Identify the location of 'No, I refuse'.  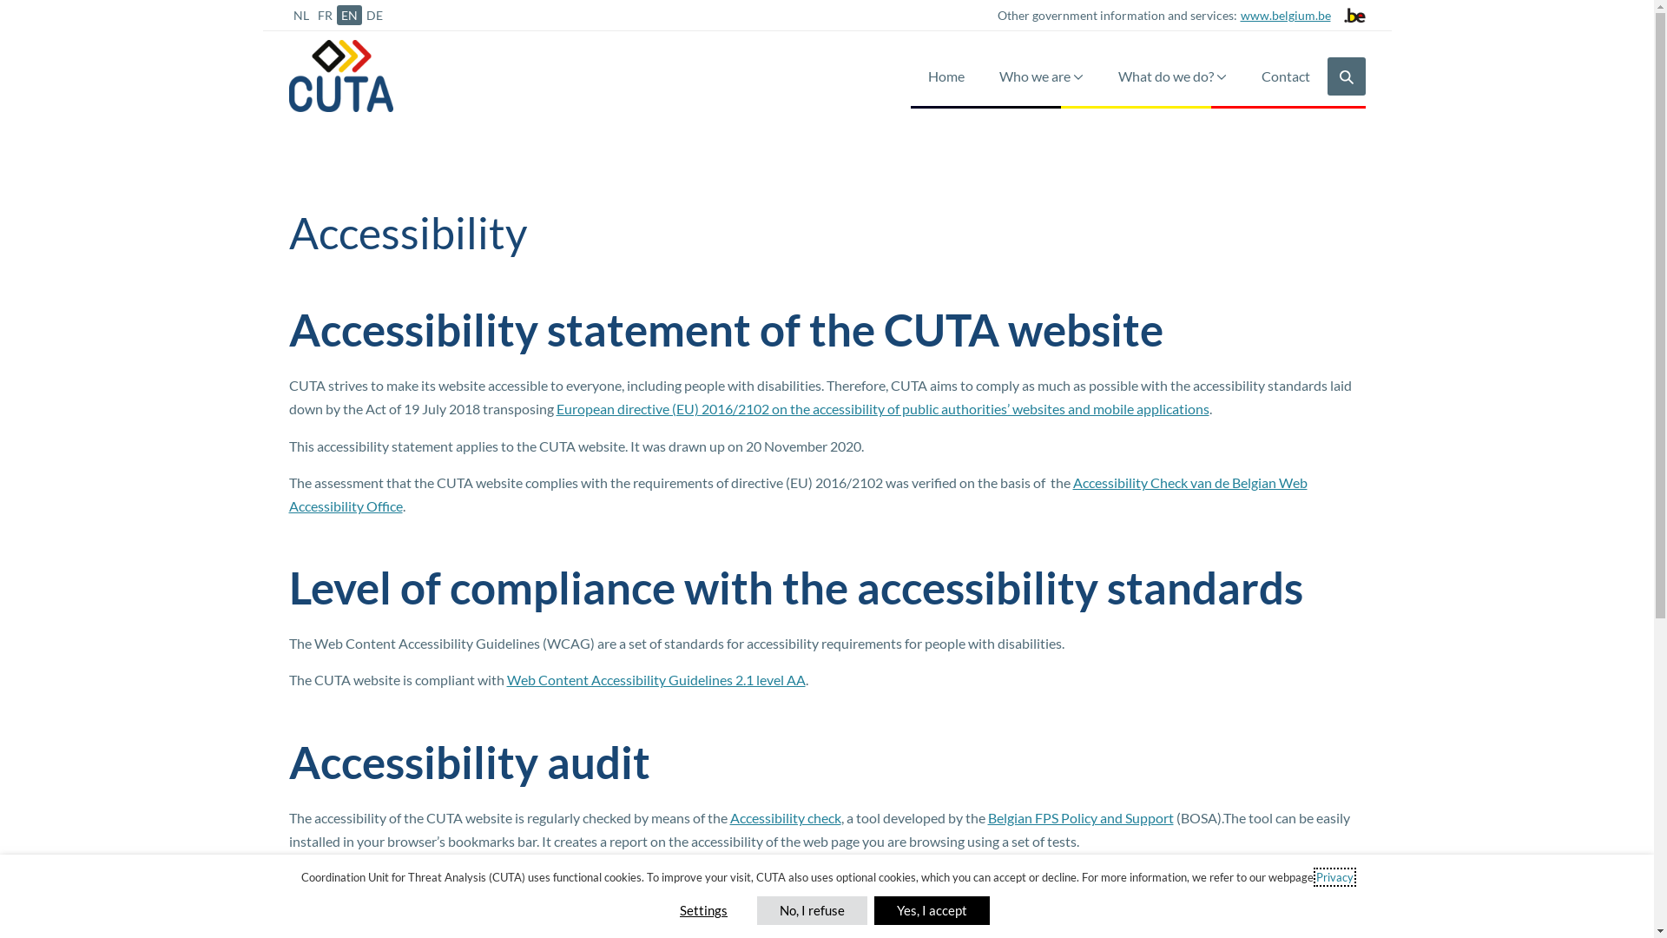
(811, 909).